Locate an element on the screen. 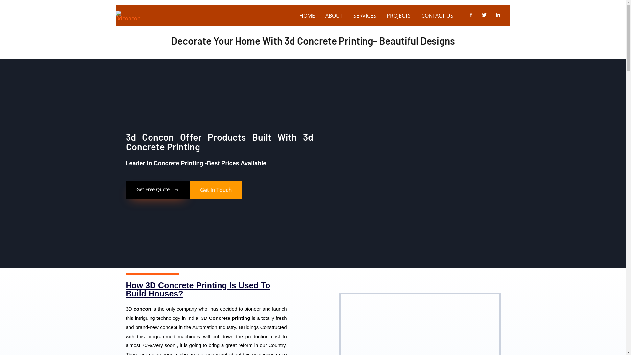  'Get In Touch' is located at coordinates (216, 190).